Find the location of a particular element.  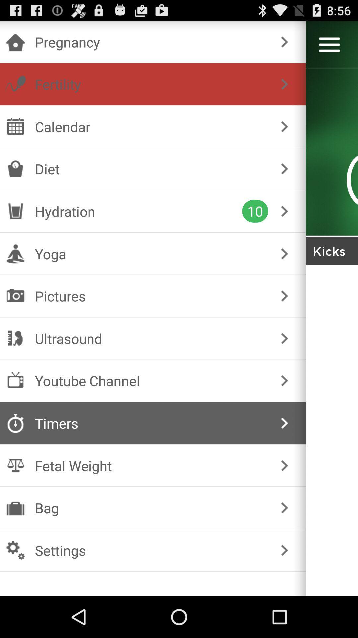

the fertility icon is located at coordinates (151, 84).